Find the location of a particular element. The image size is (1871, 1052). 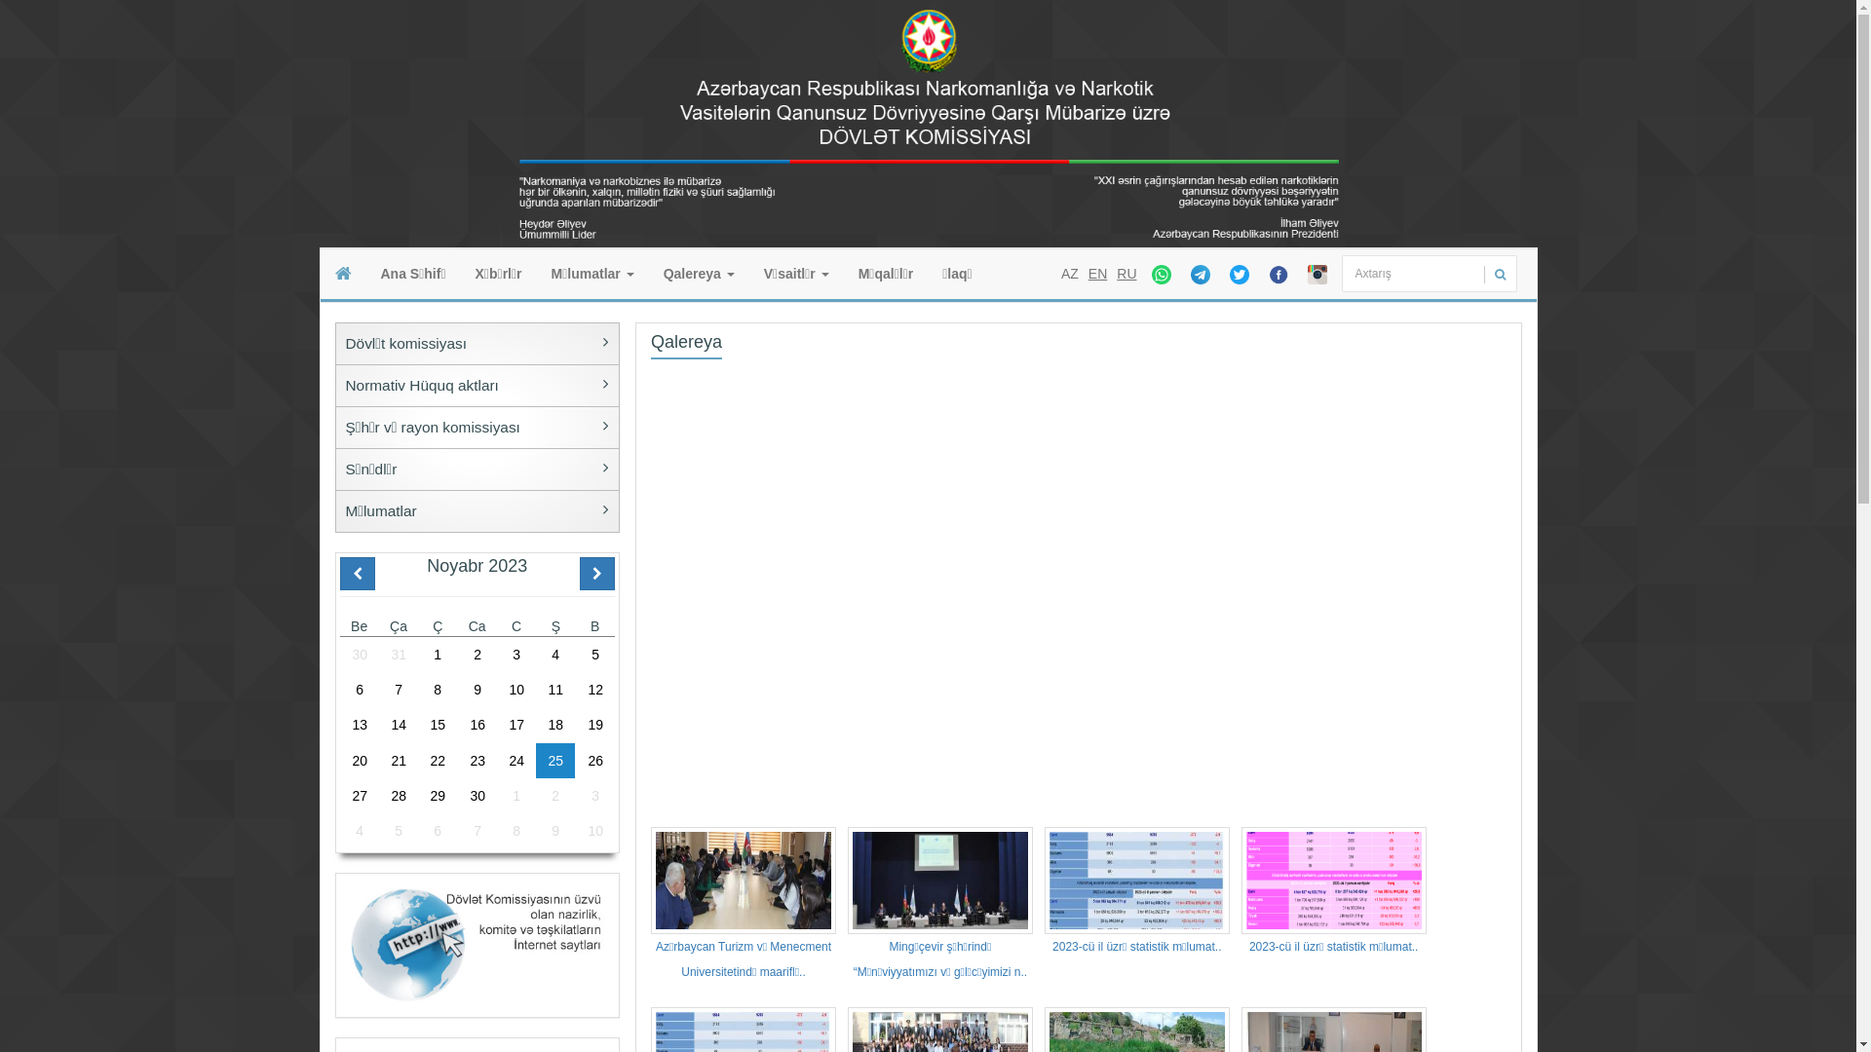

'EN' is located at coordinates (1097, 274).